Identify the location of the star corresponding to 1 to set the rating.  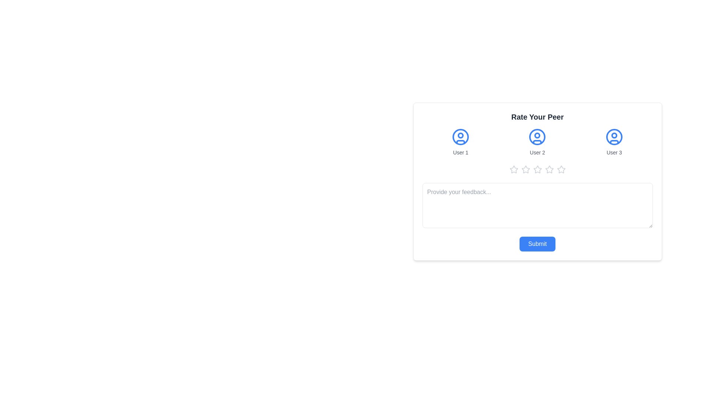
(513, 170).